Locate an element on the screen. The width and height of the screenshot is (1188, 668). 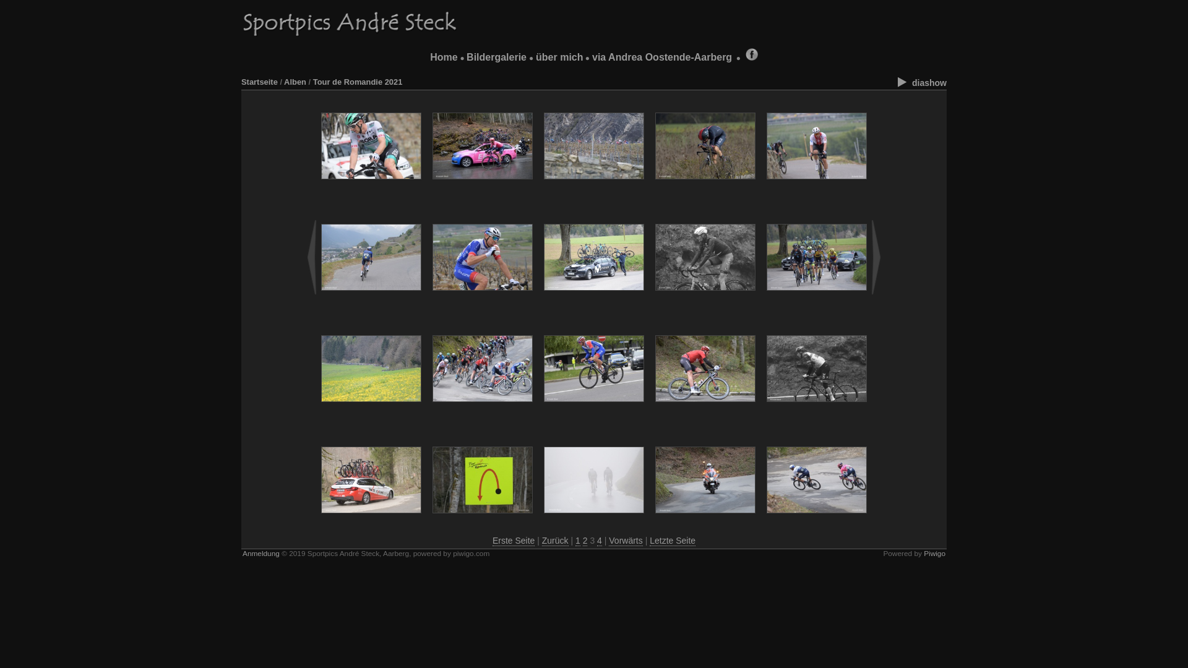
'<' is located at coordinates (312, 257).